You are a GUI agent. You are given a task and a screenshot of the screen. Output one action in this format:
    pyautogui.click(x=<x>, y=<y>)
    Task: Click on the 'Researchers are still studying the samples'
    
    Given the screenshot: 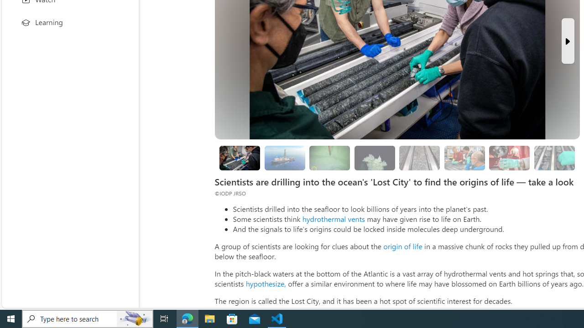 What is the action you would take?
    pyautogui.click(x=554, y=158)
    